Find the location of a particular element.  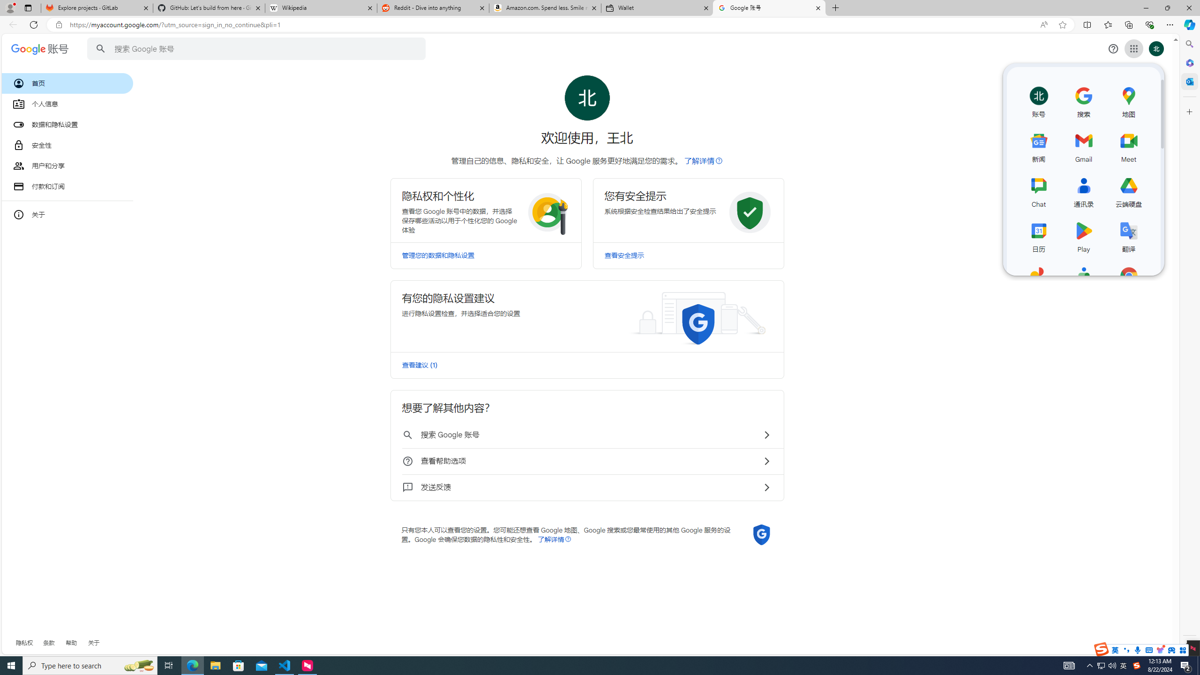

'Amazon.com. Spend less. Smile more.' is located at coordinates (544, 7).